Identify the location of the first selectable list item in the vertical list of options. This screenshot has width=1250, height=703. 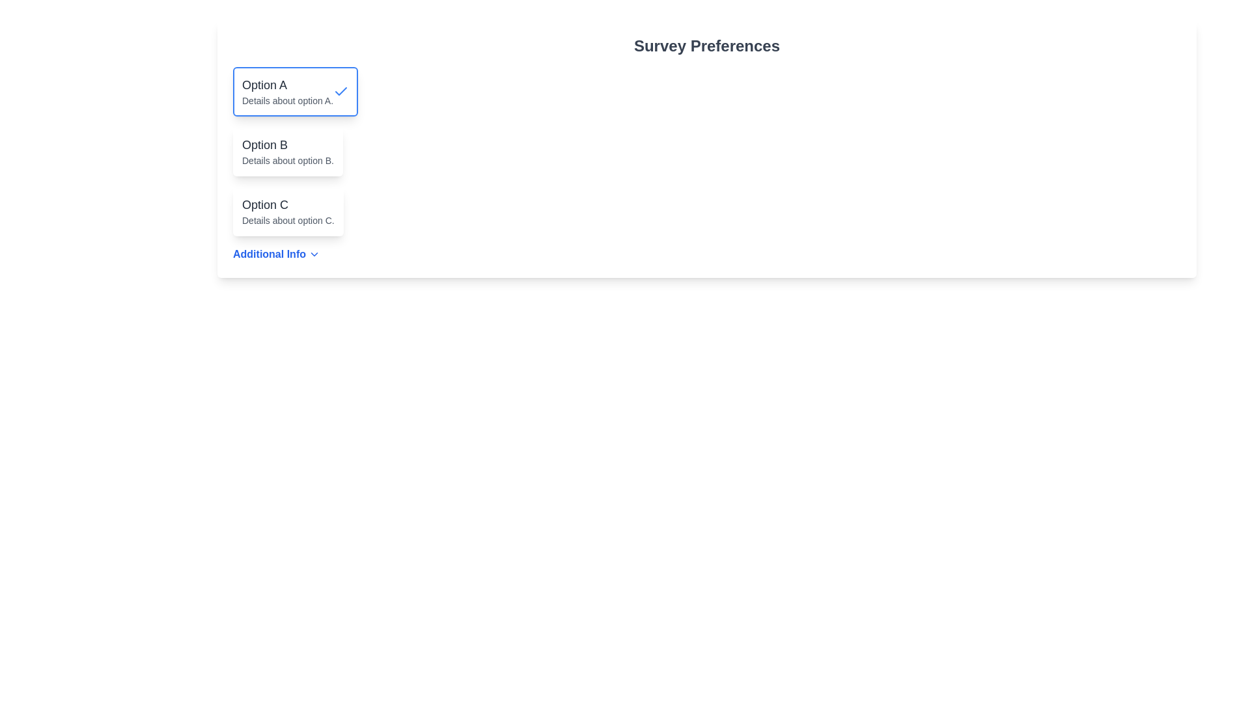
(295, 91).